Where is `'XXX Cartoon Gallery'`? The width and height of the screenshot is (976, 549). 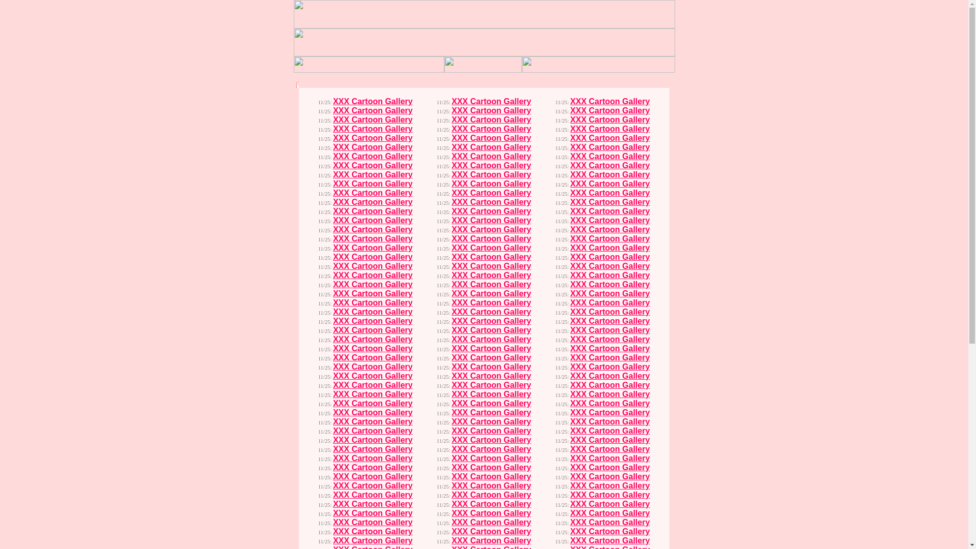
'XXX Cartoon Gallery' is located at coordinates (372, 110).